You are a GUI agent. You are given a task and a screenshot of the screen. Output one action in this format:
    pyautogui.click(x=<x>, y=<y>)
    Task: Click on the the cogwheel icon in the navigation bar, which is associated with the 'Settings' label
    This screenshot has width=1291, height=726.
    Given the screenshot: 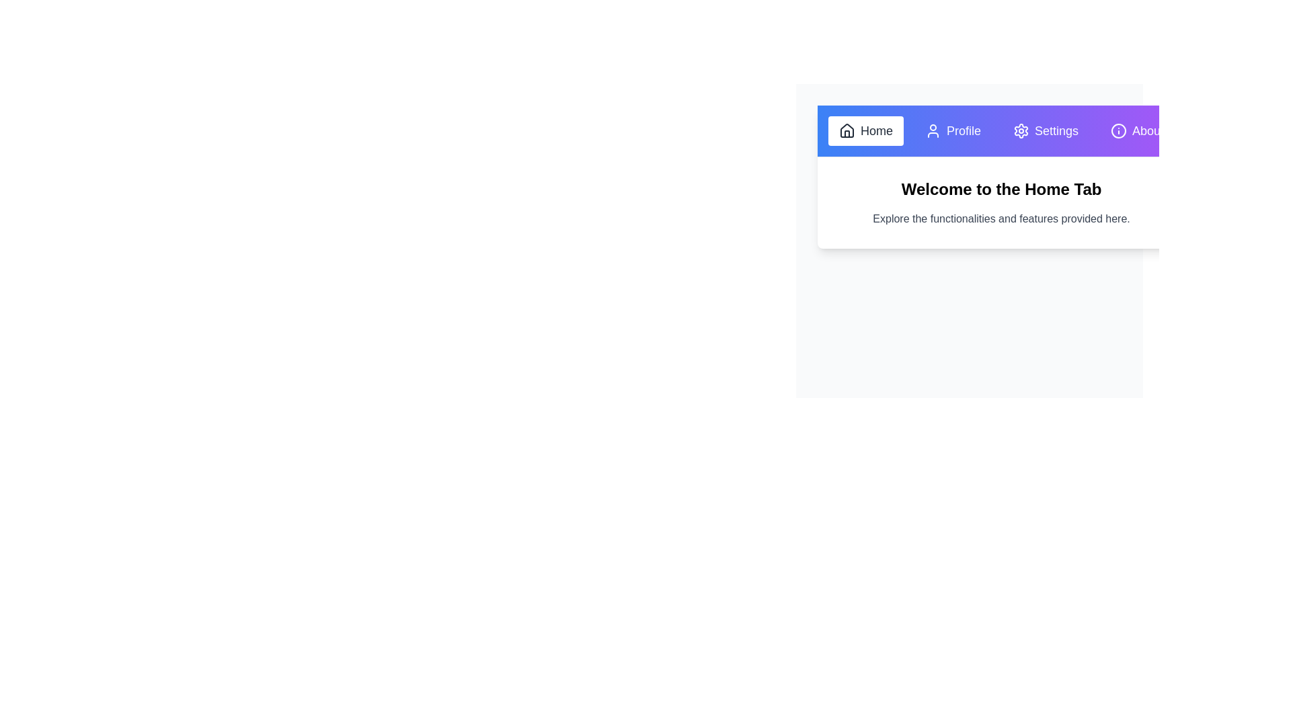 What is the action you would take?
    pyautogui.click(x=1021, y=131)
    